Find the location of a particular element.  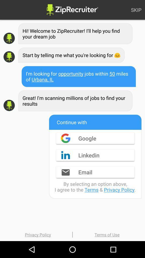

skip is located at coordinates (136, 9).